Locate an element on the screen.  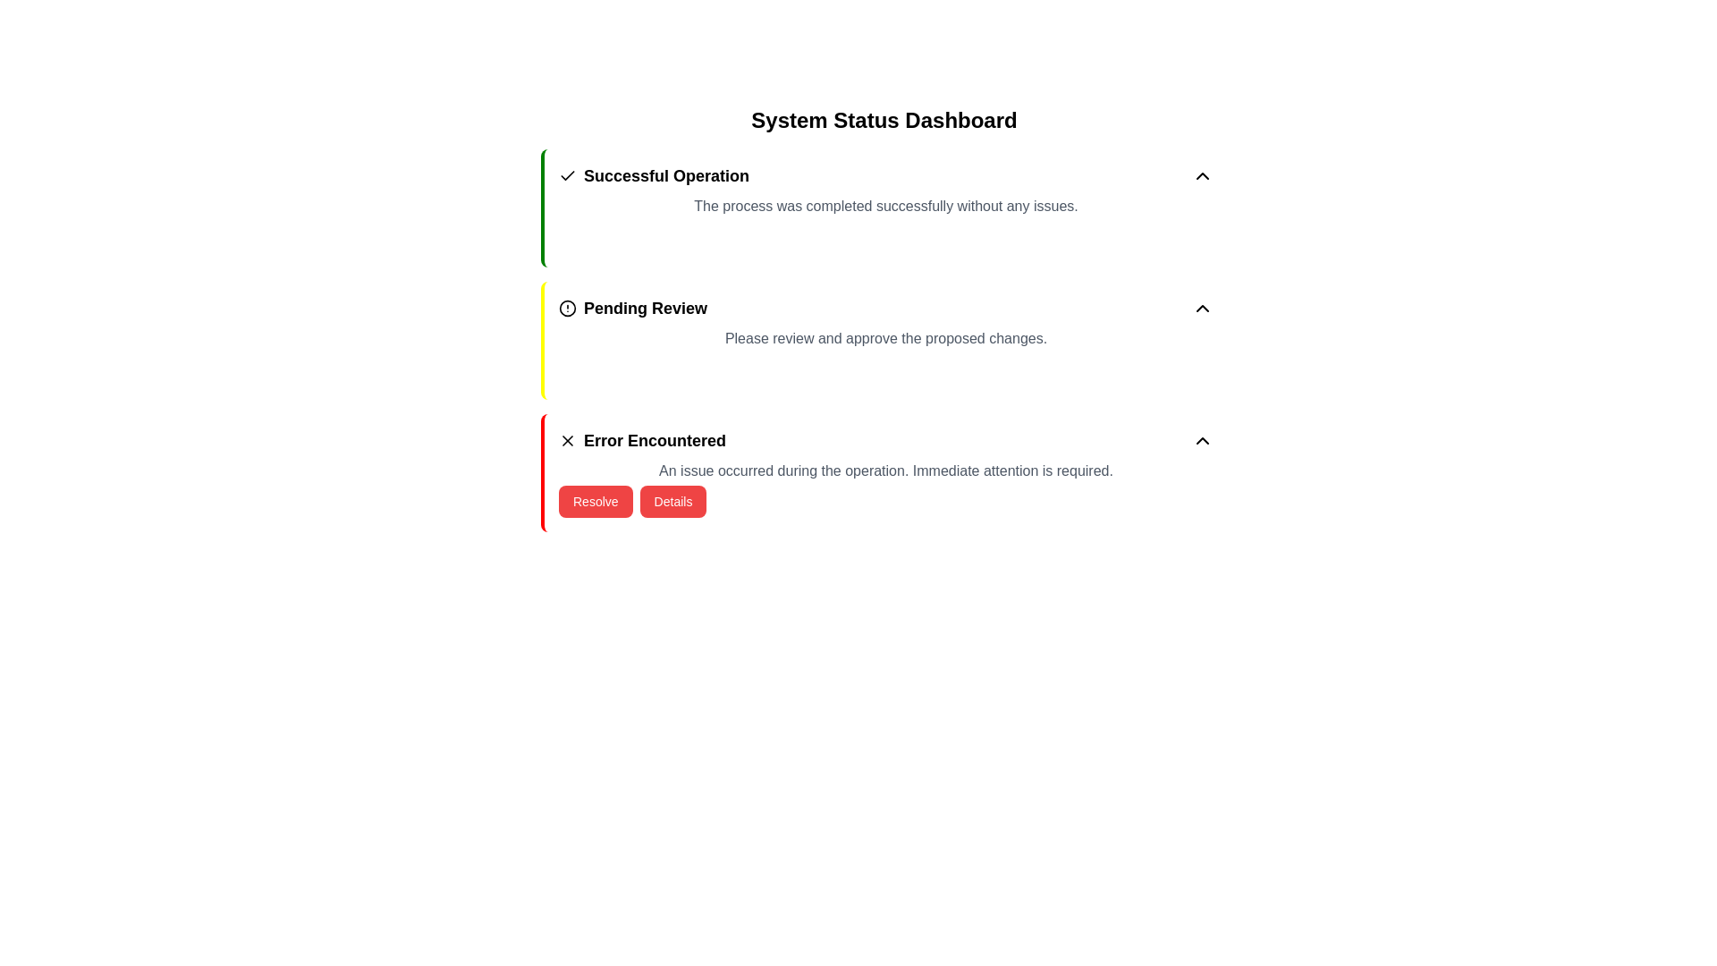
the informational display panel that indicates a pending review status, located in the middle section of the dashboard between 'Successful Operation' and 'Error Encountered' is located at coordinates (885, 307).